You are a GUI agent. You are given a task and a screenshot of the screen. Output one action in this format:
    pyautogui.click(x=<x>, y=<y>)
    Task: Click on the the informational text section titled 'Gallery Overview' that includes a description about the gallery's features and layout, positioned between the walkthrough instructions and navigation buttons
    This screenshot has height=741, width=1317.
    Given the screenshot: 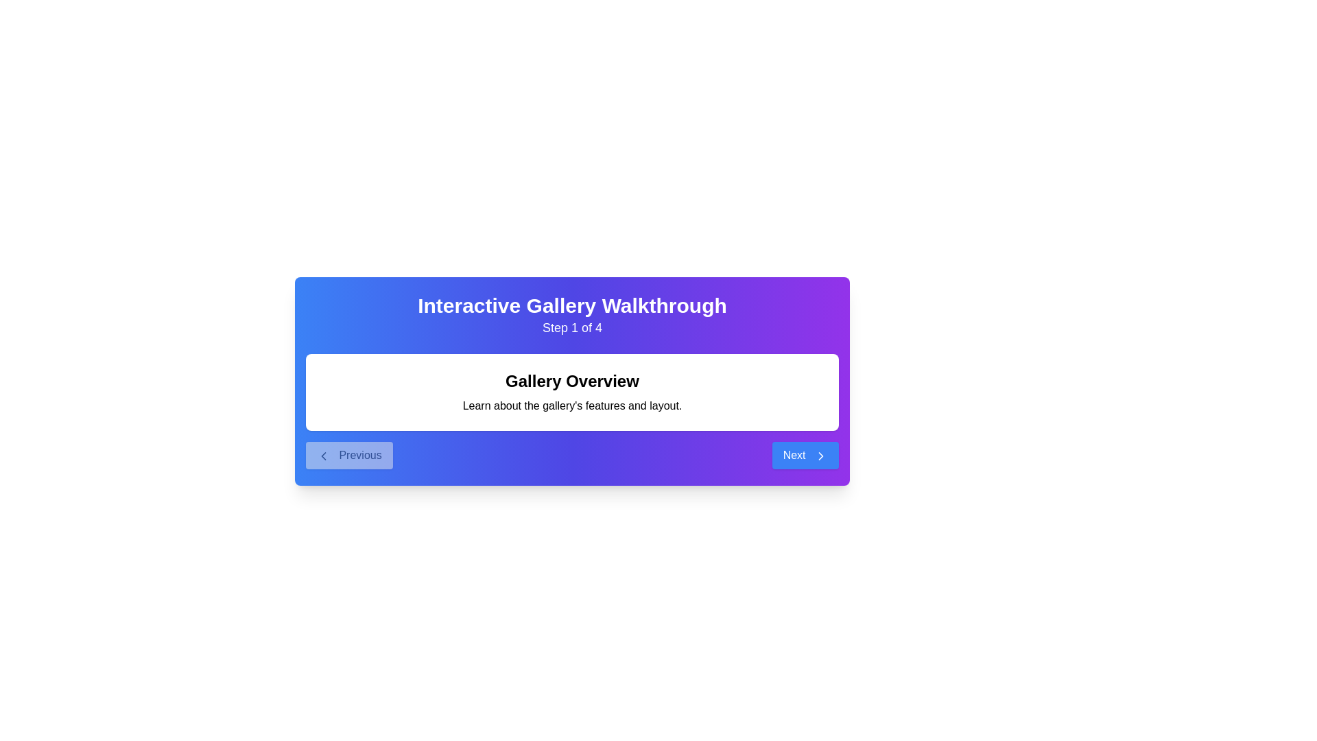 What is the action you would take?
    pyautogui.click(x=572, y=392)
    